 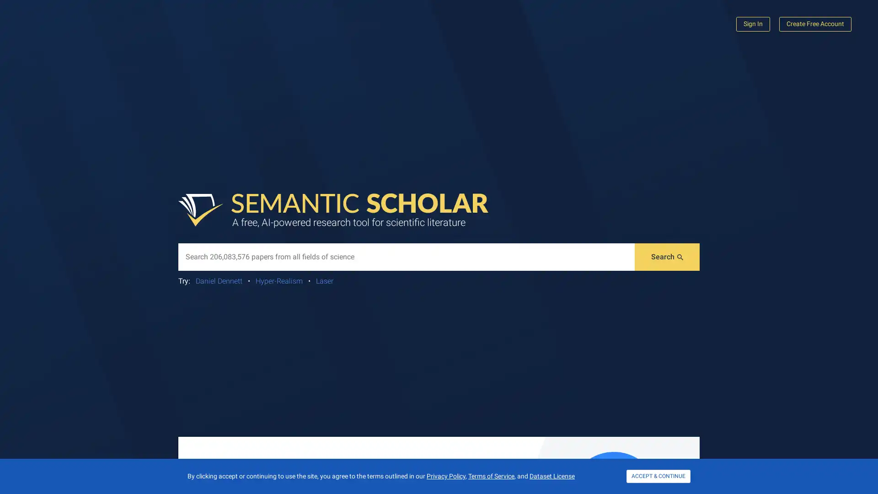 What do you see at coordinates (667, 257) in the screenshot?
I see `Submit` at bounding box center [667, 257].